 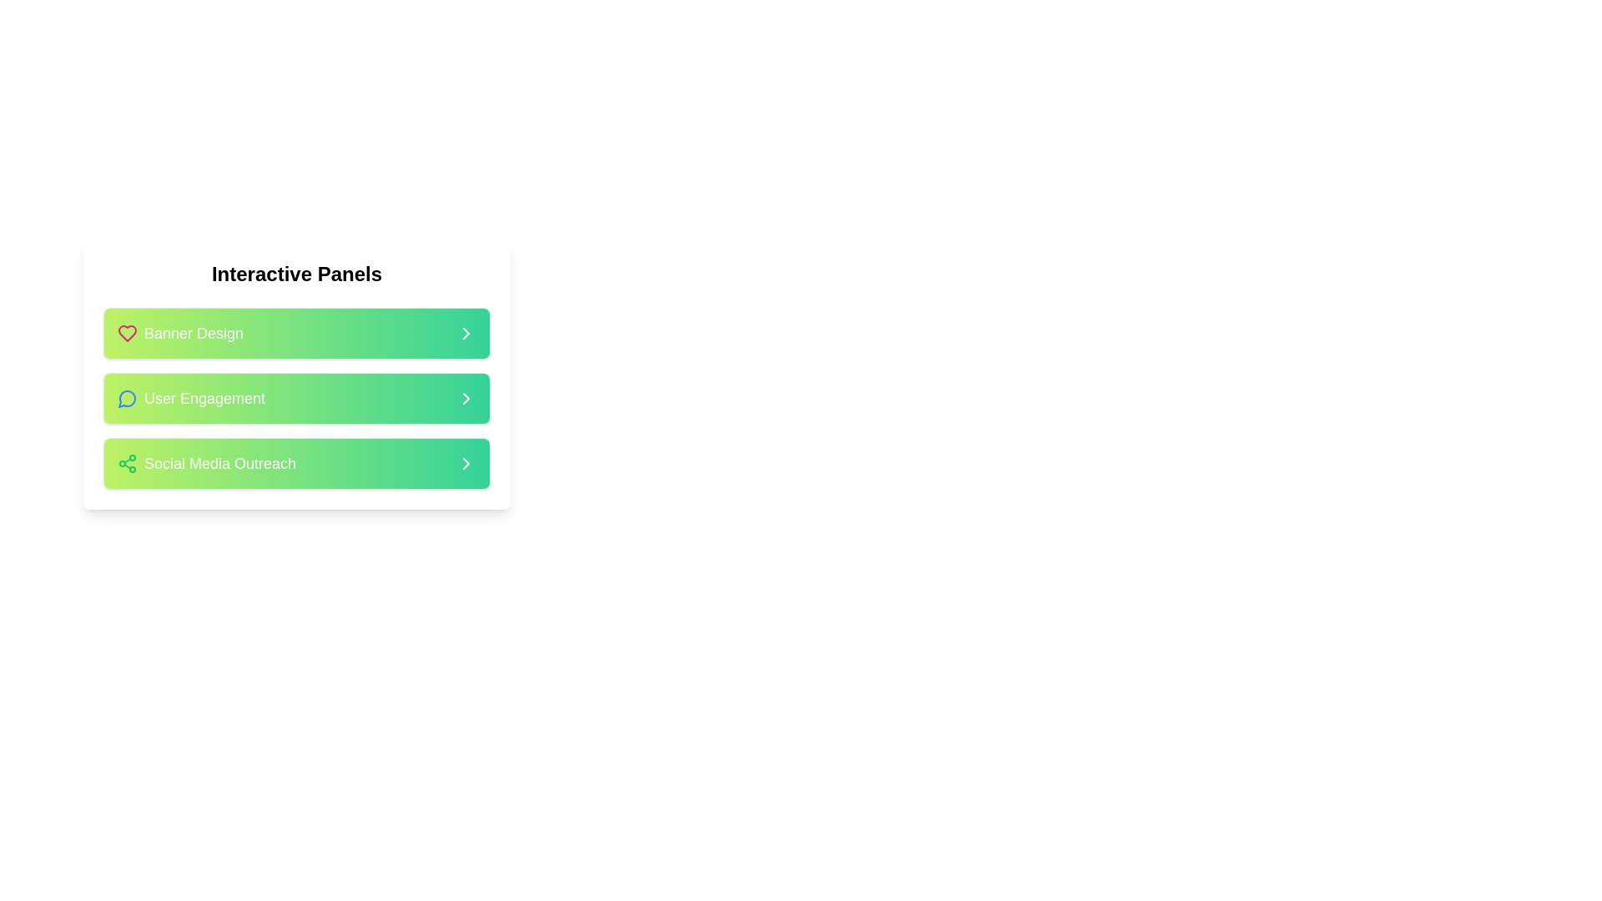 What do you see at coordinates (466, 399) in the screenshot?
I see `the right-pointing chevron icon located at the far-right end of the 'User Engagement' bar` at bounding box center [466, 399].